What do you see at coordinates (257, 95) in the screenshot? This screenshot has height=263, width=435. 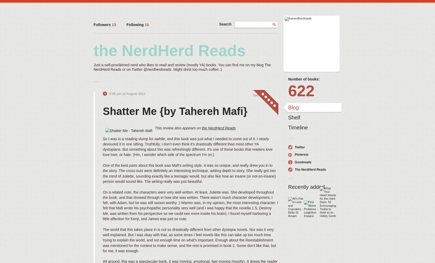 I see `'Tweet'` at bounding box center [257, 95].